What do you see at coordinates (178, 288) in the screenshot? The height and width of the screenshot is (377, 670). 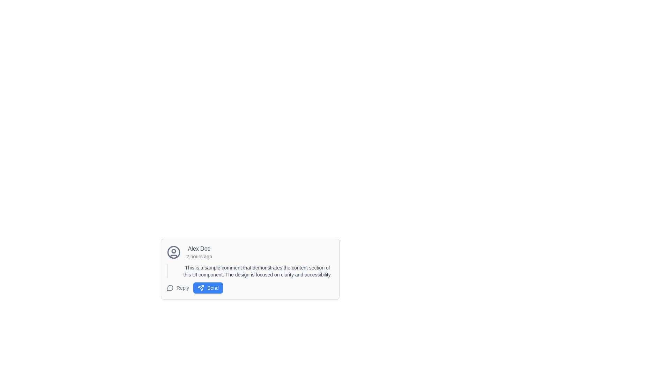 I see `the 'Reply' button, which is styled with a gray speech bubble icon and positioned to the left of the 'Send' button` at bounding box center [178, 288].